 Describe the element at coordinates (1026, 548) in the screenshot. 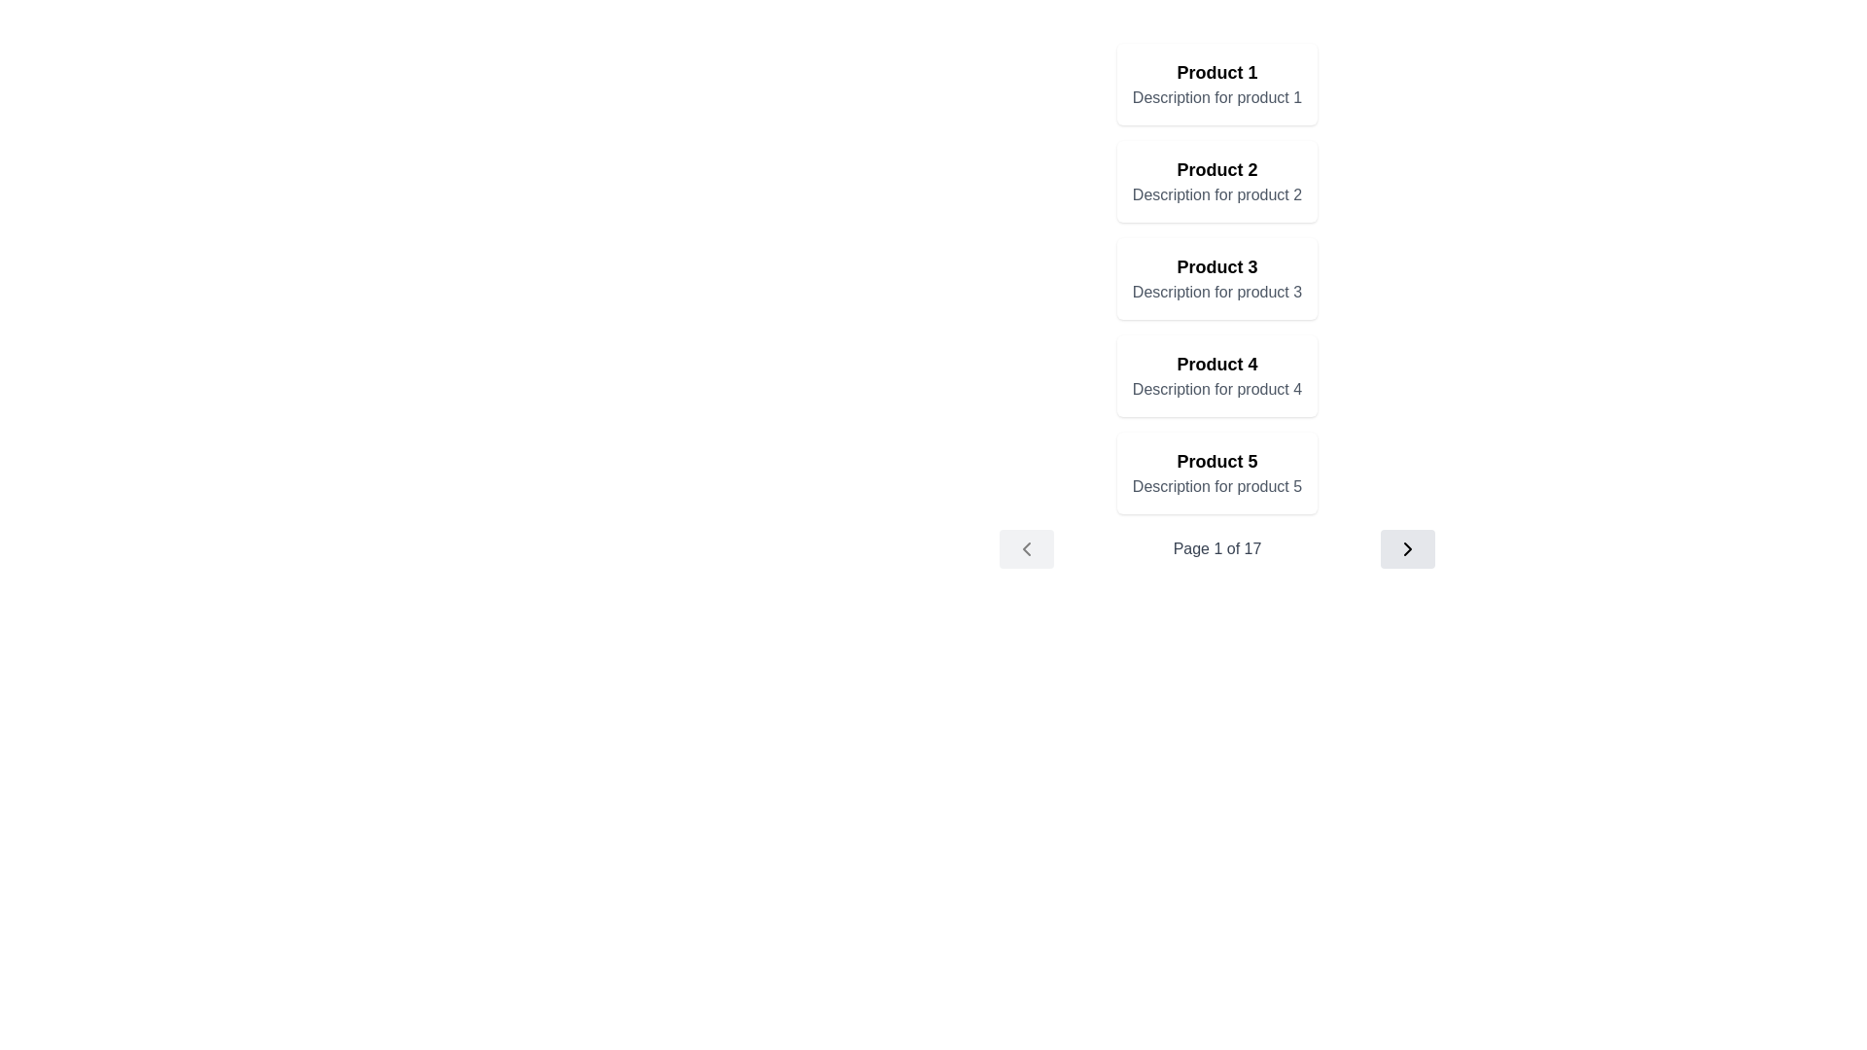

I see `the small triangular icon pointing leftwards, which serves as a backward navigation symbol` at that location.